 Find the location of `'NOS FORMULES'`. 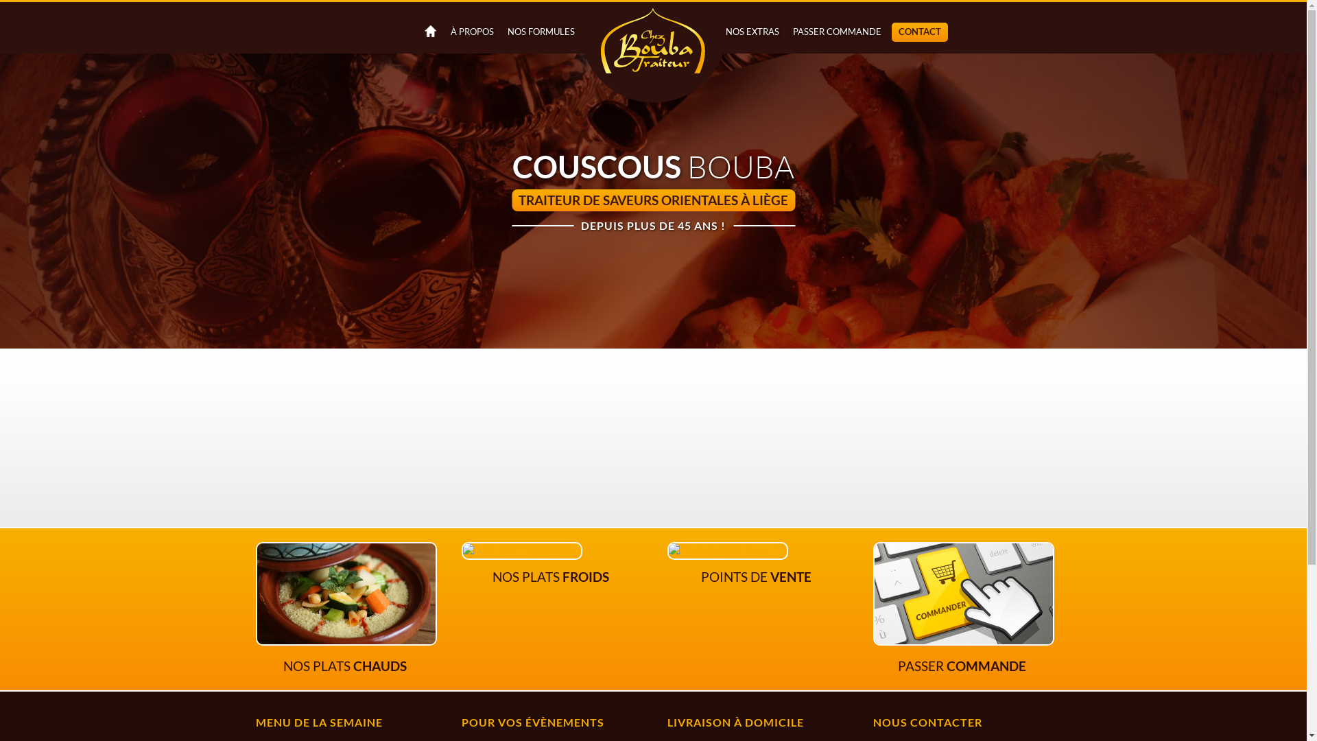

'NOS FORMULES' is located at coordinates (499, 31).